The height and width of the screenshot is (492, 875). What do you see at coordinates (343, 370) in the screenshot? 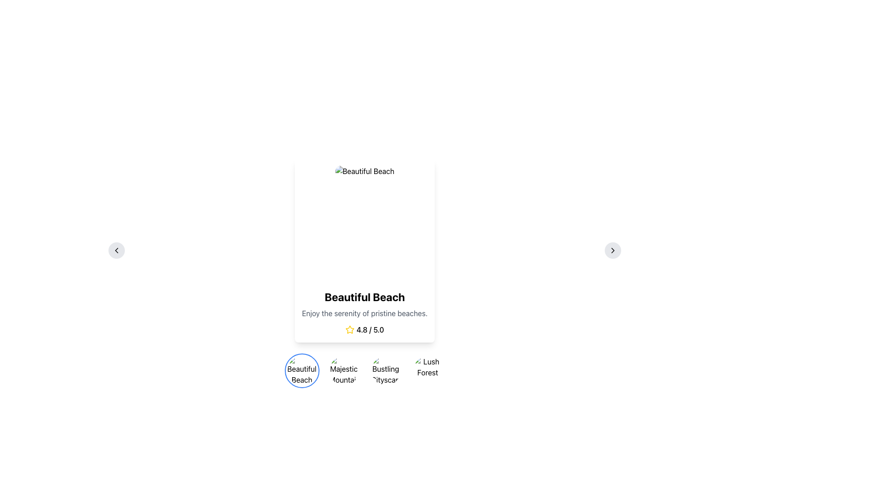
I see `the Selectable Button with an Icon representing 'Majestic Mountains'` at bounding box center [343, 370].